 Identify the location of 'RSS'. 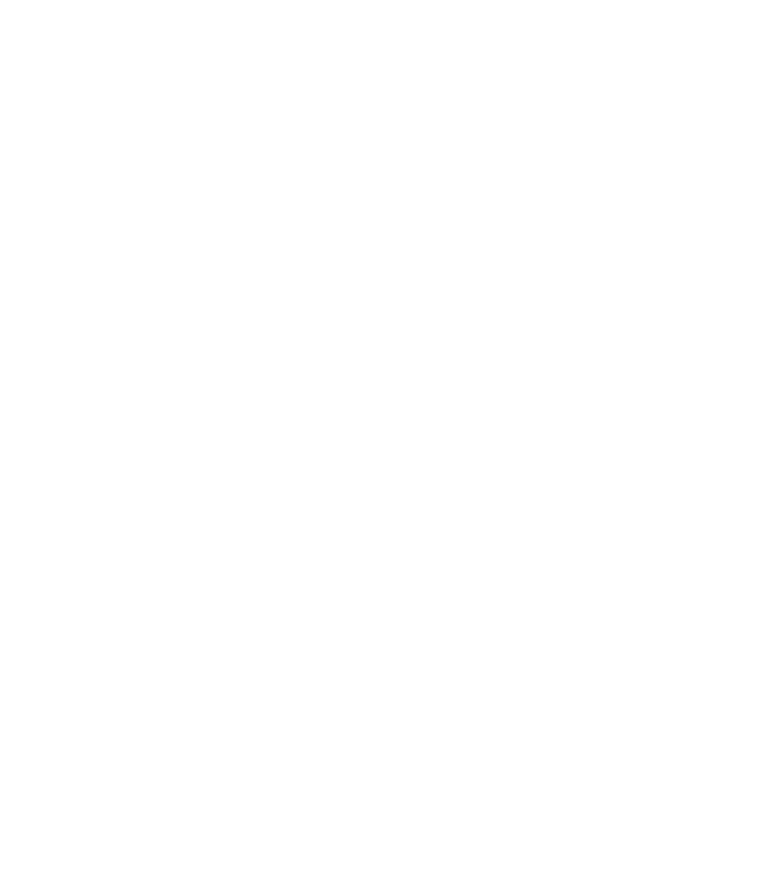
(343, 716).